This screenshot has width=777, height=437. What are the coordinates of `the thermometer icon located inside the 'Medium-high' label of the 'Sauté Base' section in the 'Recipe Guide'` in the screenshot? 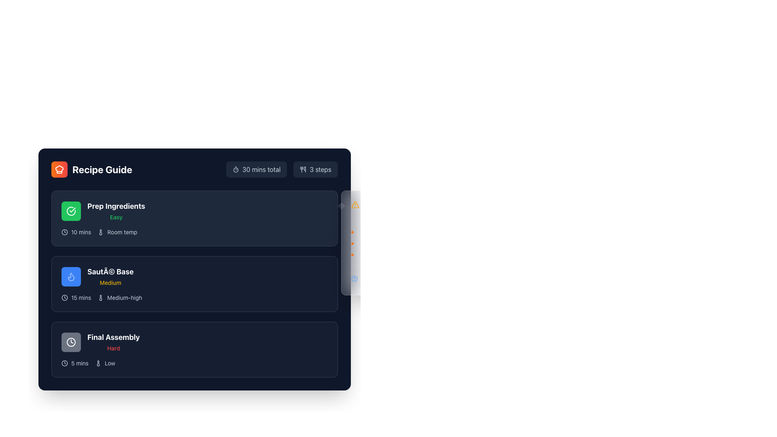 It's located at (100, 298).